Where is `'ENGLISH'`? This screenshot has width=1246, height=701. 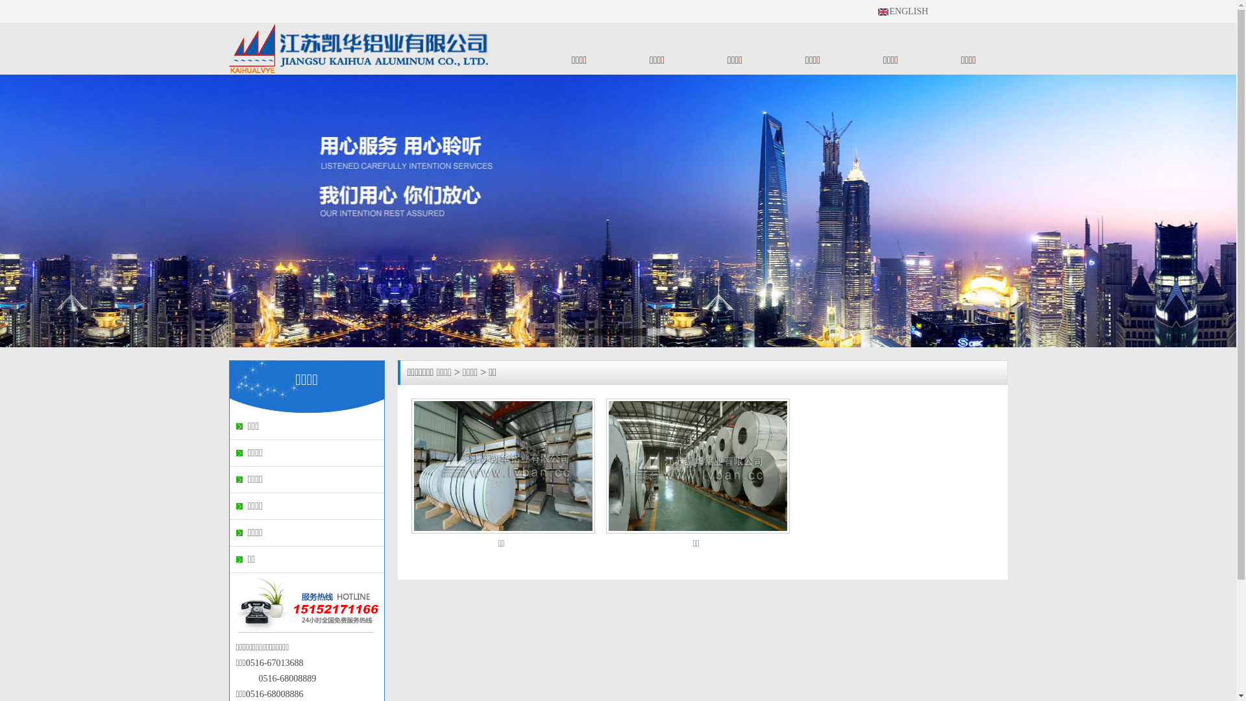
'ENGLISH' is located at coordinates (908, 12).